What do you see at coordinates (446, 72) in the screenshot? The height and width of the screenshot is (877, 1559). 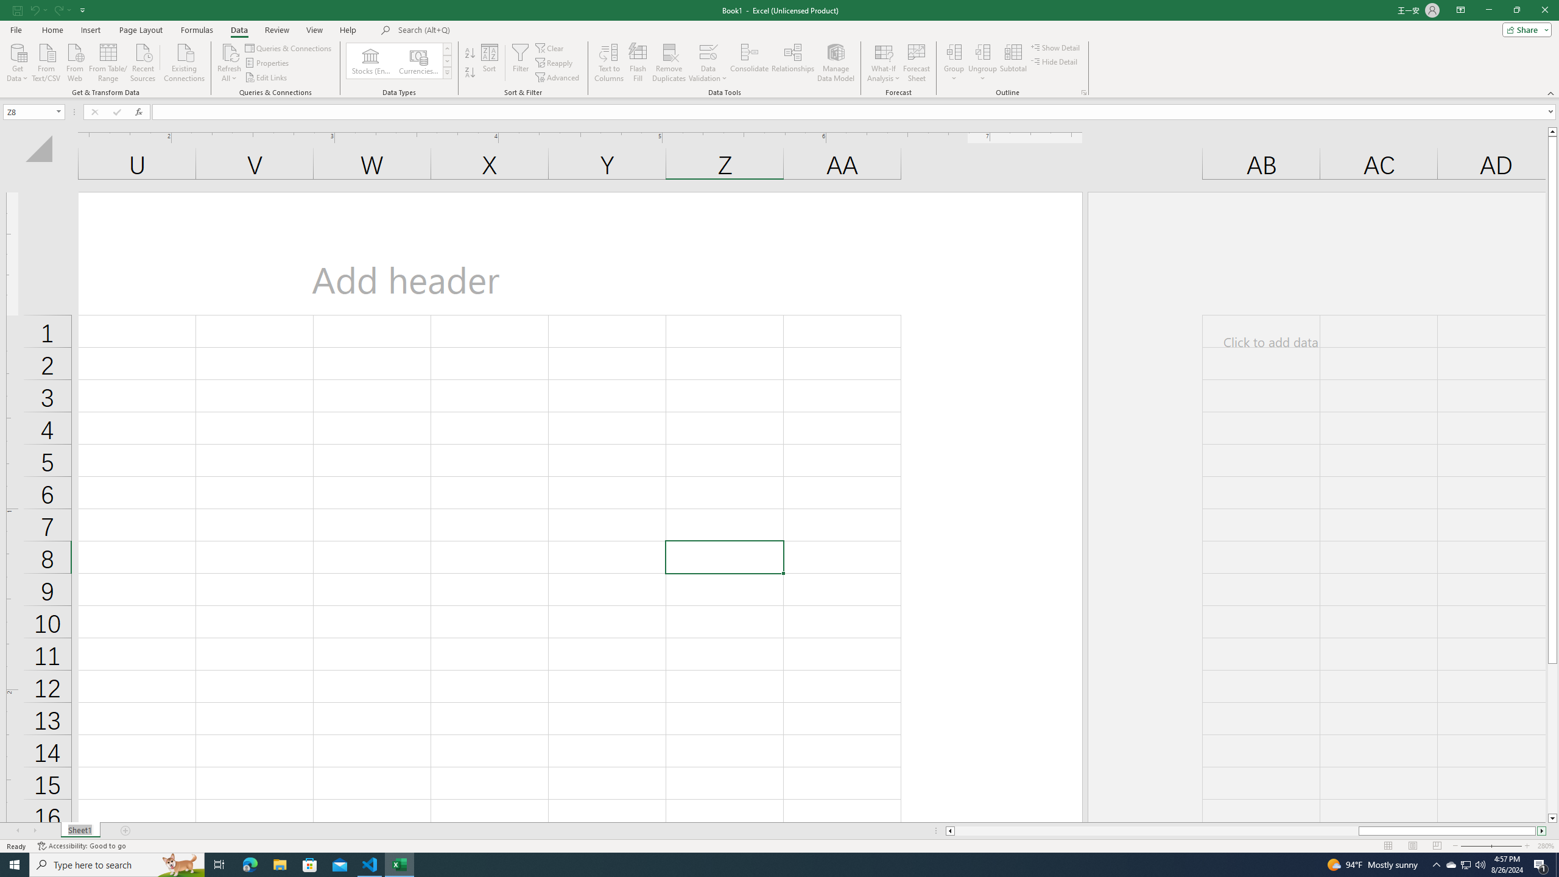 I see `'Data Types'` at bounding box center [446, 72].